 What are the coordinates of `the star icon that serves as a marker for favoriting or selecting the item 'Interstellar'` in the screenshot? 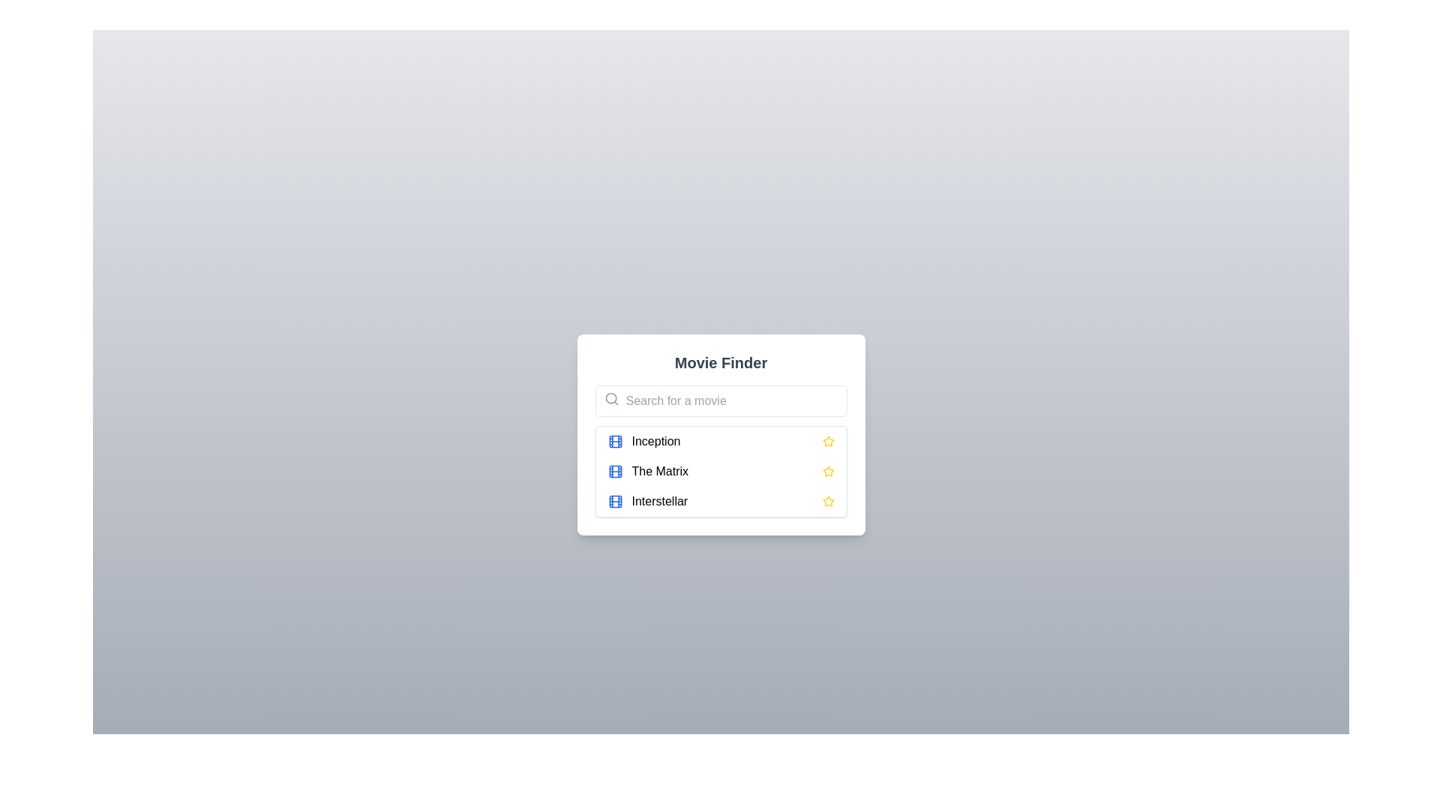 It's located at (827, 470).